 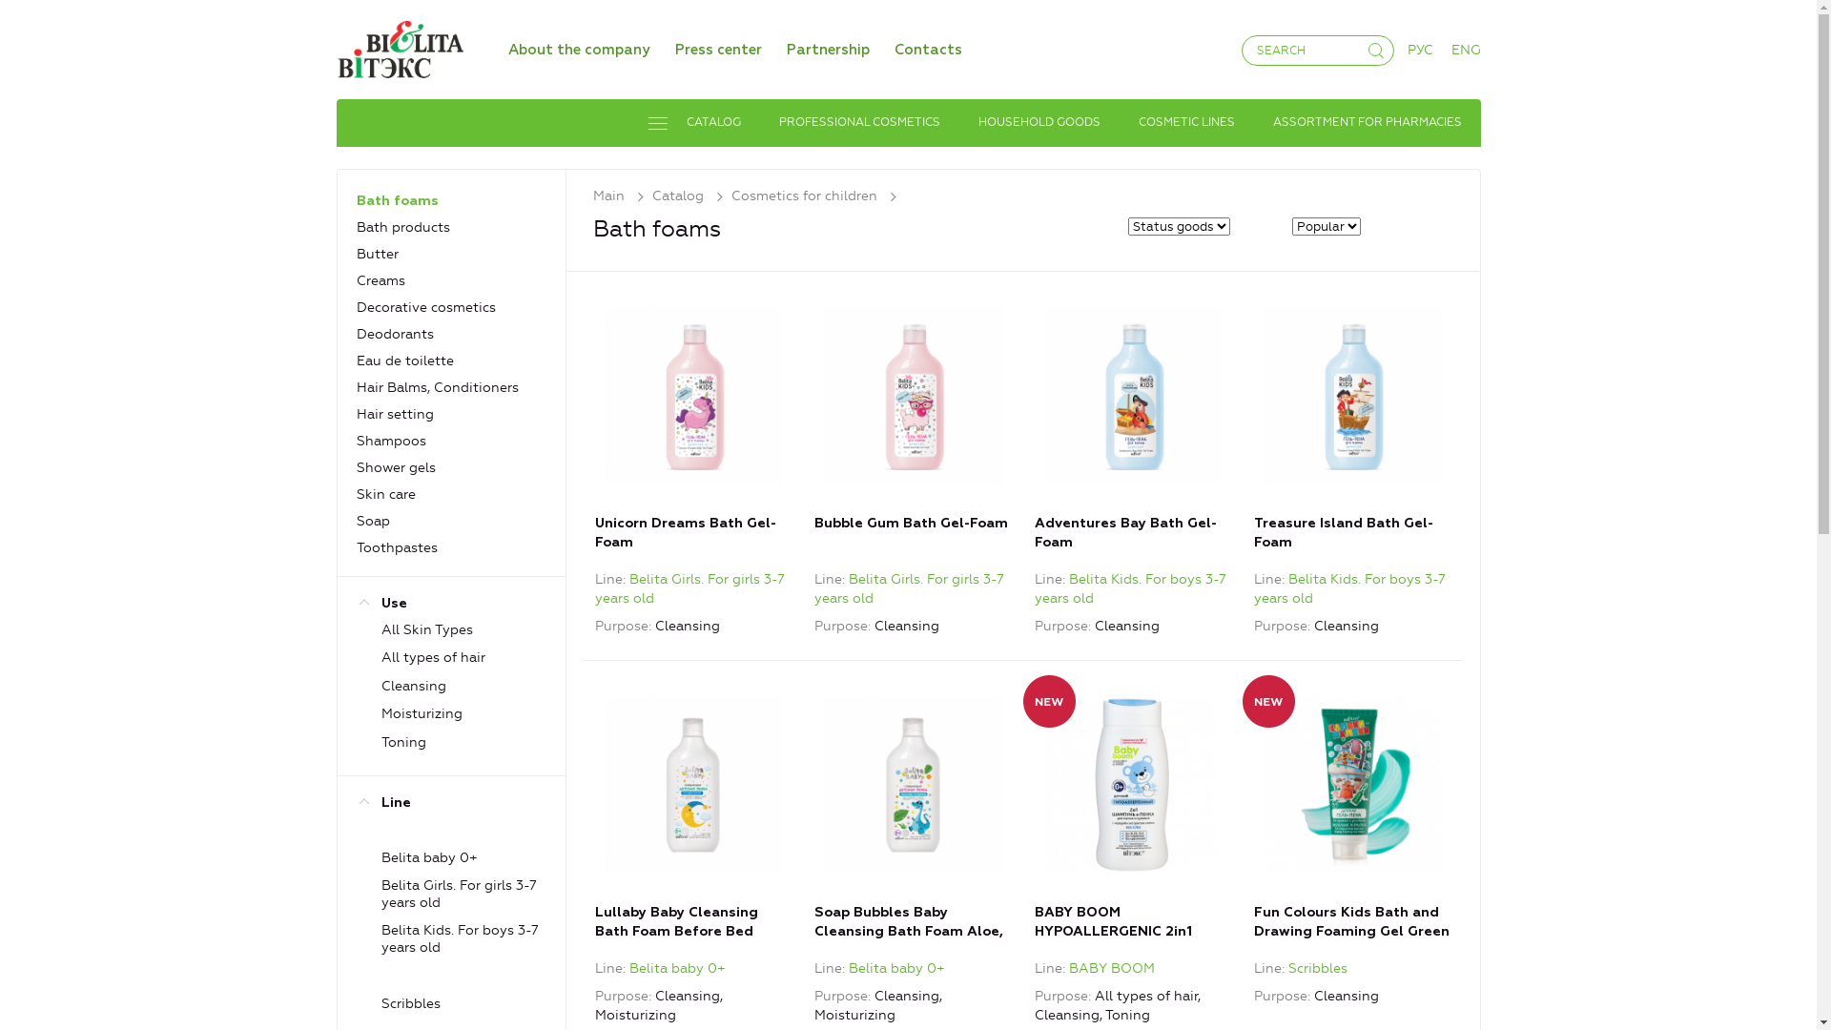 What do you see at coordinates (404, 360) in the screenshot?
I see `'Eau de toilette'` at bounding box center [404, 360].